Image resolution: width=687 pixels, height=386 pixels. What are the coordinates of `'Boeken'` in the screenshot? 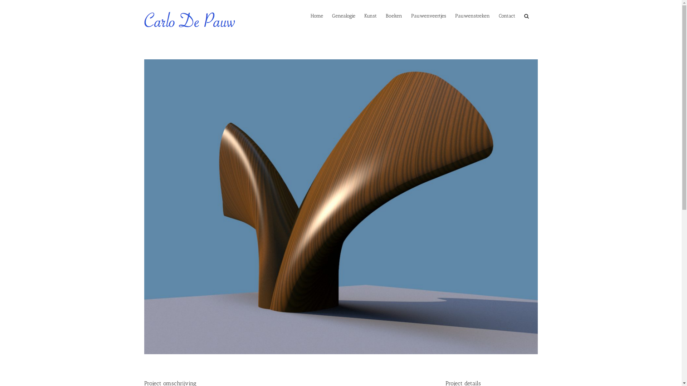 It's located at (393, 15).